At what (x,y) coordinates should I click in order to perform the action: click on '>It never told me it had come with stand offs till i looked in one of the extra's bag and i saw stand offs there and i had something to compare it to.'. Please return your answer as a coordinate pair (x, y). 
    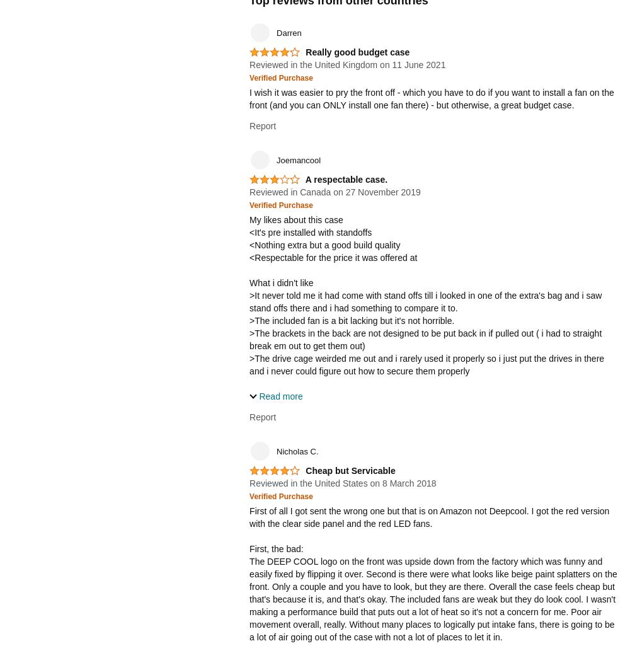
    Looking at the image, I should click on (425, 301).